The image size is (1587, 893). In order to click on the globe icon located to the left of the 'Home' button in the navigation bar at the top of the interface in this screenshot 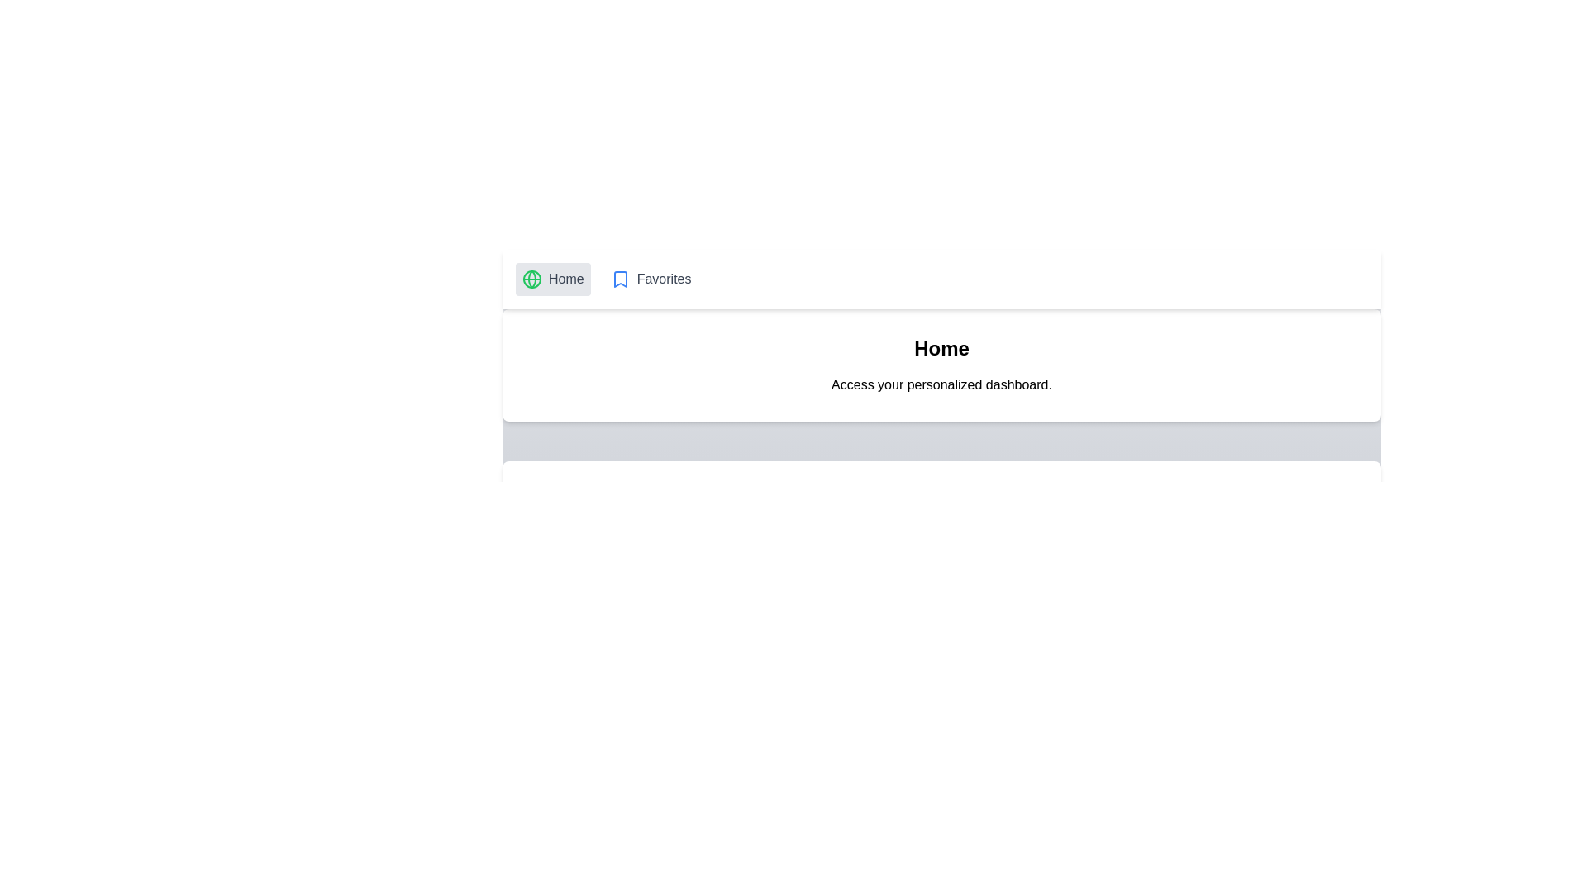, I will do `click(531, 279)`.